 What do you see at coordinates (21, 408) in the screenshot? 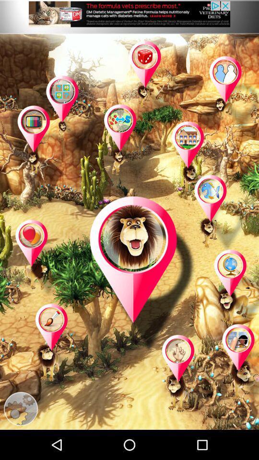
I see `change app settings` at bounding box center [21, 408].